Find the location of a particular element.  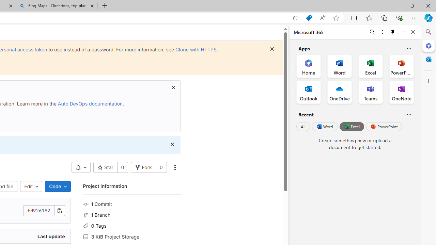

'Excel' is located at coordinates (352, 127).